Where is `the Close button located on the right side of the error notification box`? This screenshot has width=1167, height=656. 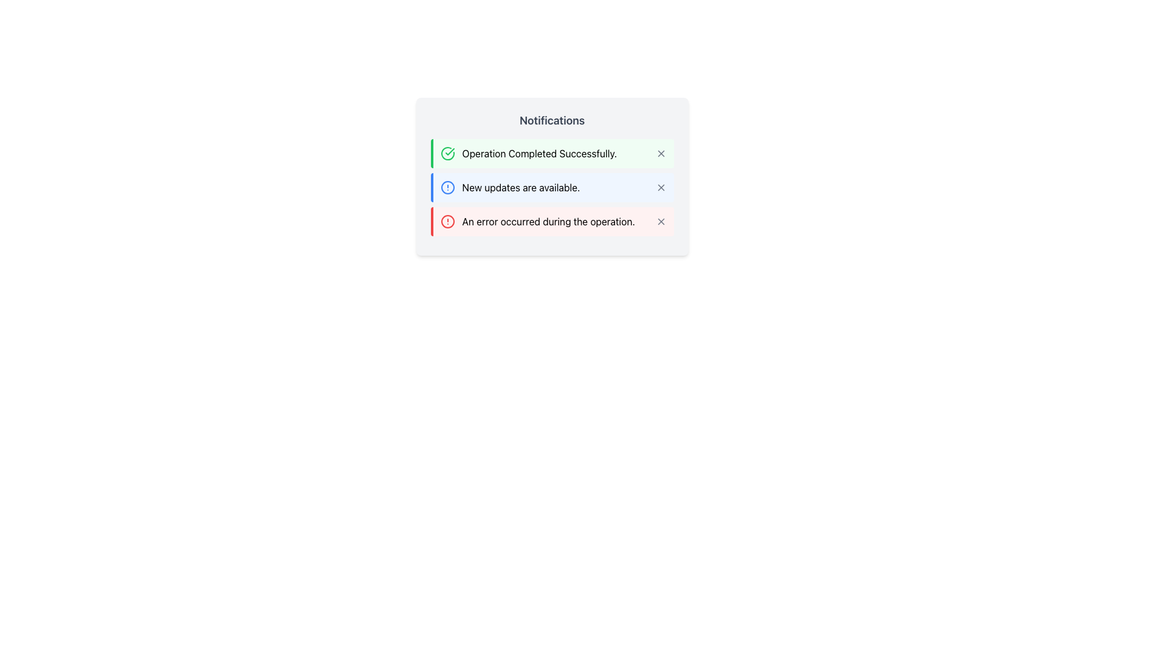
the Close button located on the right side of the error notification box is located at coordinates (660, 222).